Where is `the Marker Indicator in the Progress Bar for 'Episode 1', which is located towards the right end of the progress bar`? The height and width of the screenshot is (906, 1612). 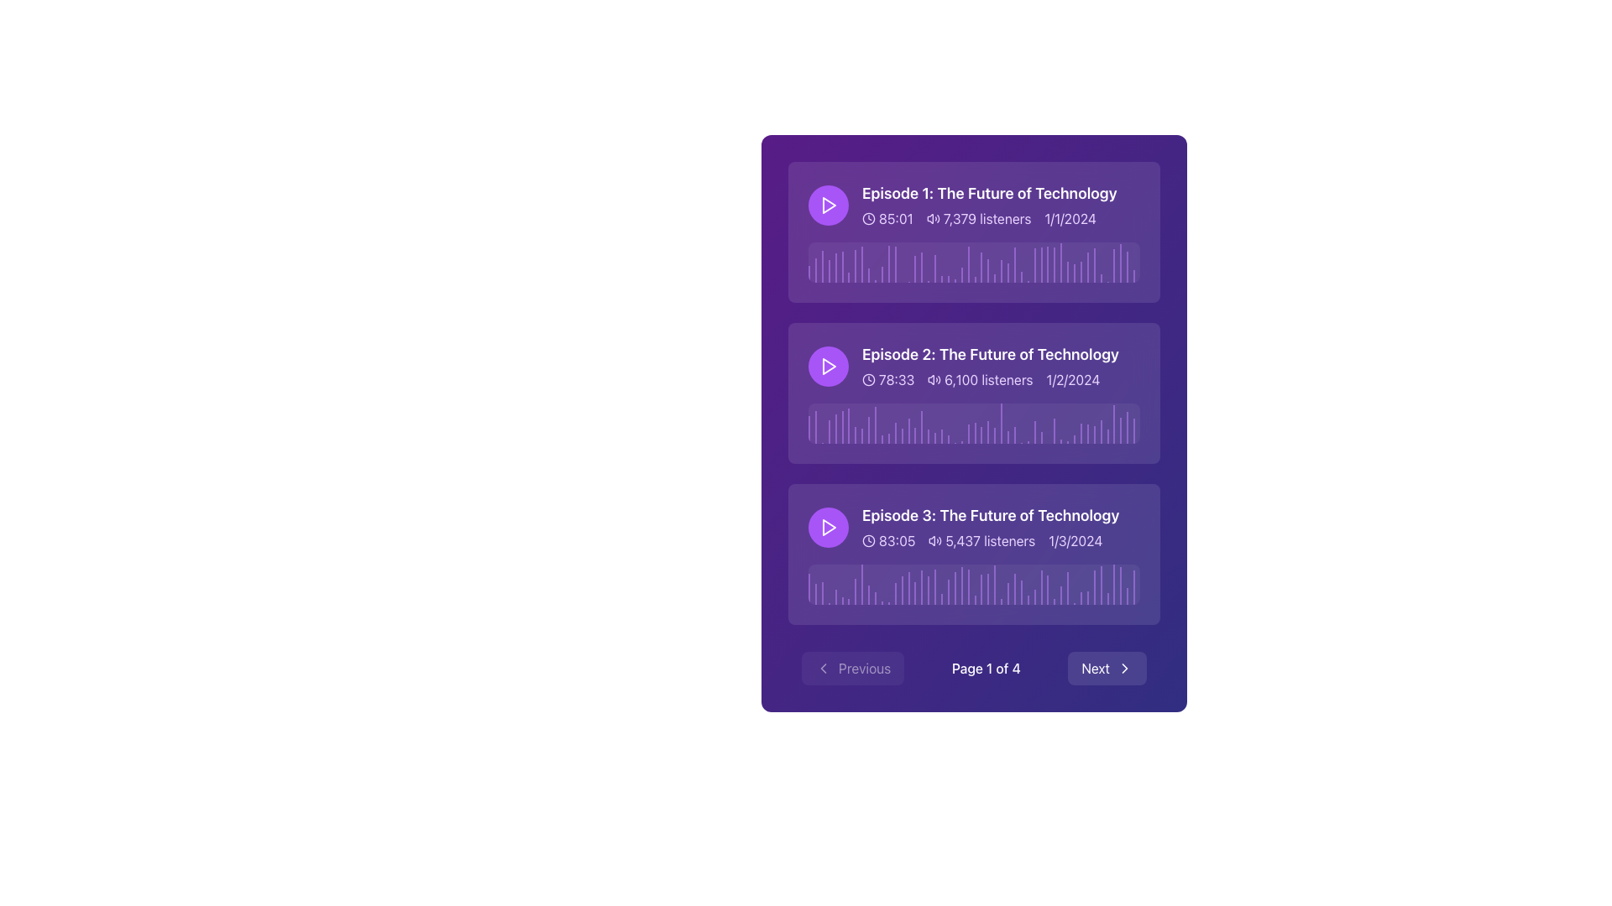
the Marker Indicator in the Progress Bar for 'Episode 1', which is located towards the right end of the progress bar is located at coordinates (1114, 264).